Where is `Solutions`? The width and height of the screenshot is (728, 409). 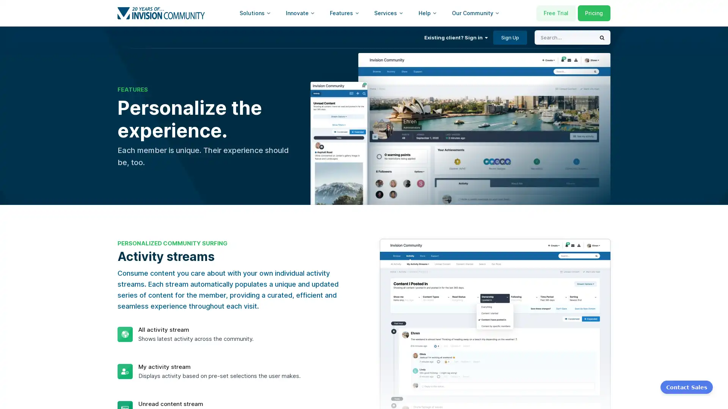
Solutions is located at coordinates (255, 13).